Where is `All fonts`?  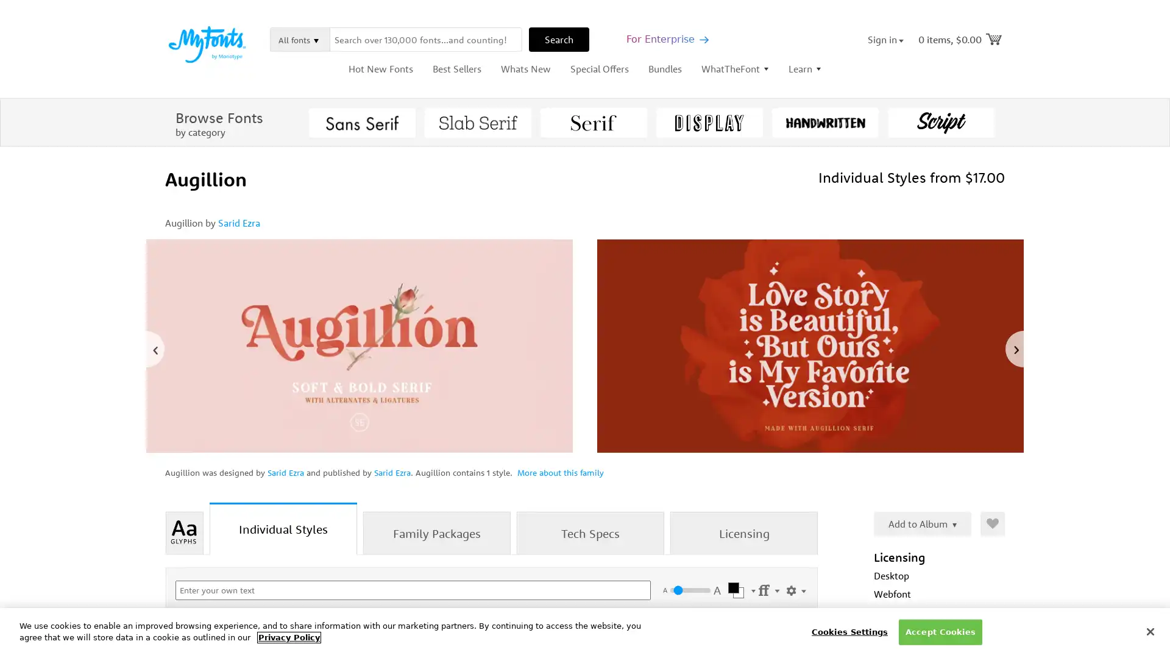 All fonts is located at coordinates (300, 39).